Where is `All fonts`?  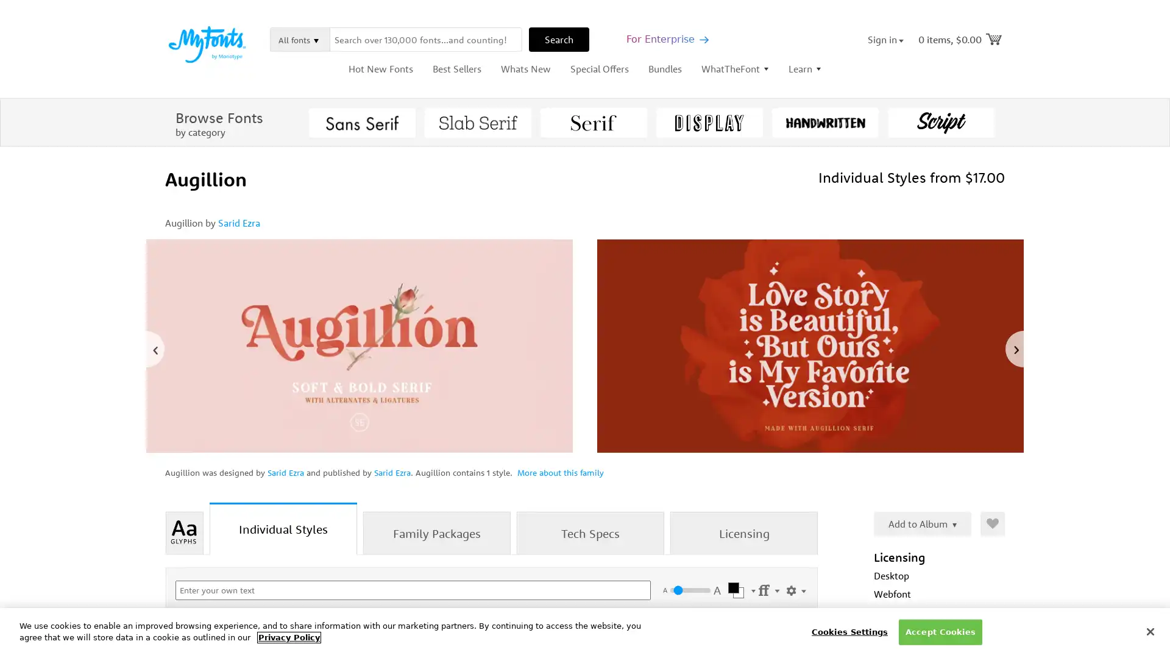 All fonts is located at coordinates (300, 39).